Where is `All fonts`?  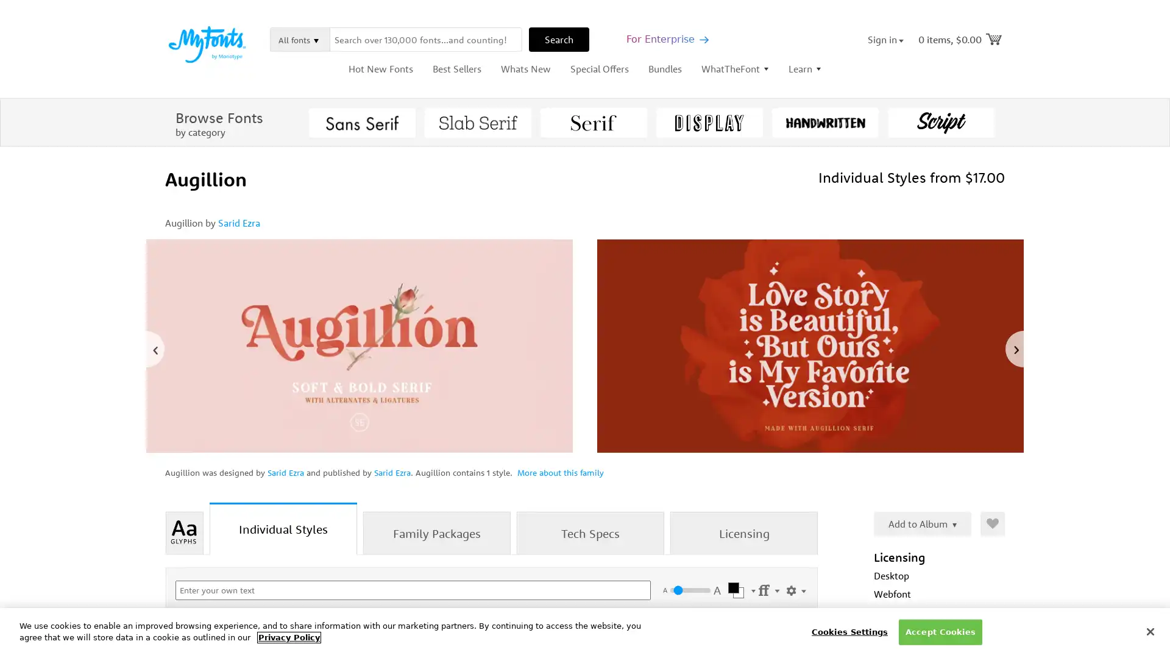 All fonts is located at coordinates (300, 39).